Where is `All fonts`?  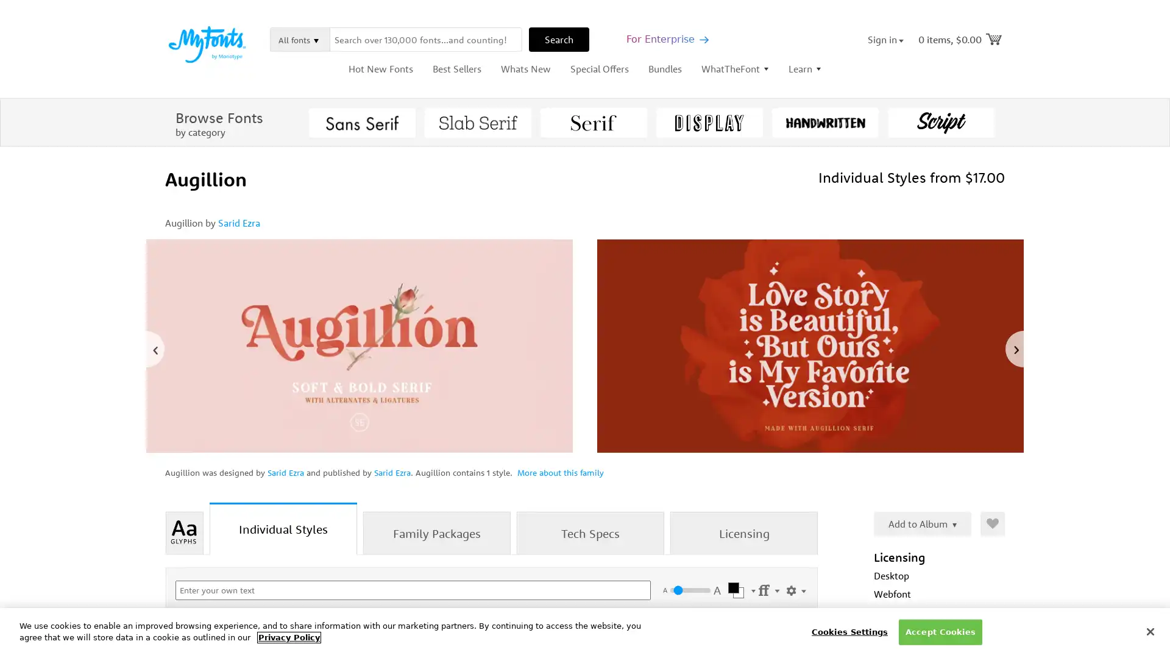 All fonts is located at coordinates (300, 39).